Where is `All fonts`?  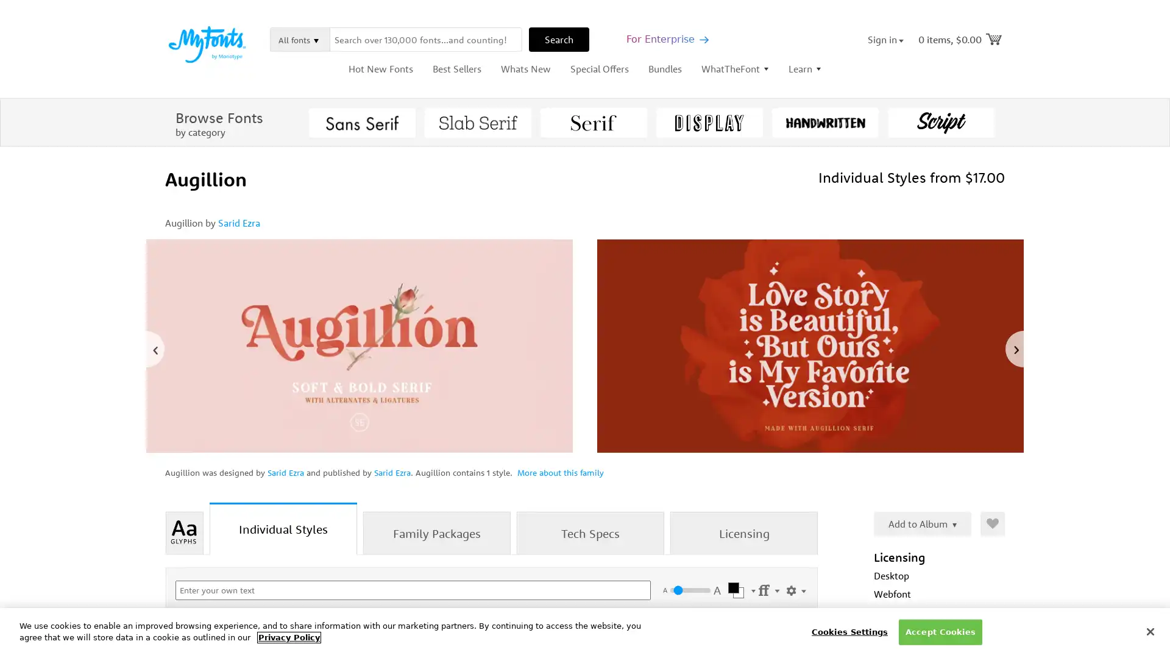 All fonts is located at coordinates (300, 39).